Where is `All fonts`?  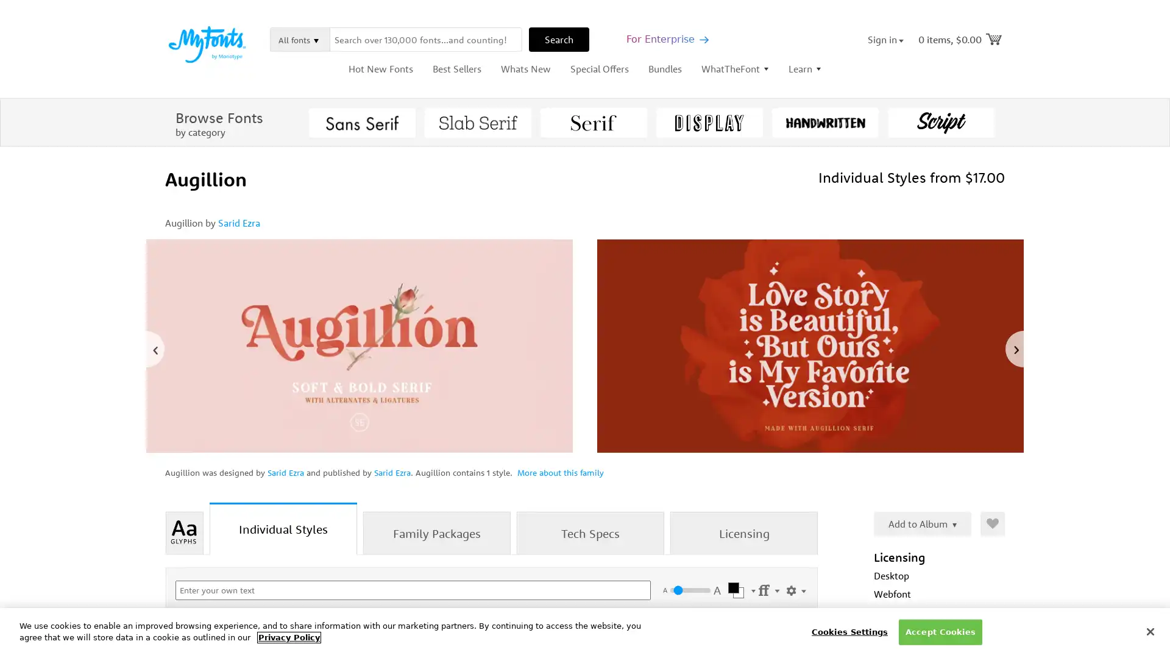 All fonts is located at coordinates (300, 39).